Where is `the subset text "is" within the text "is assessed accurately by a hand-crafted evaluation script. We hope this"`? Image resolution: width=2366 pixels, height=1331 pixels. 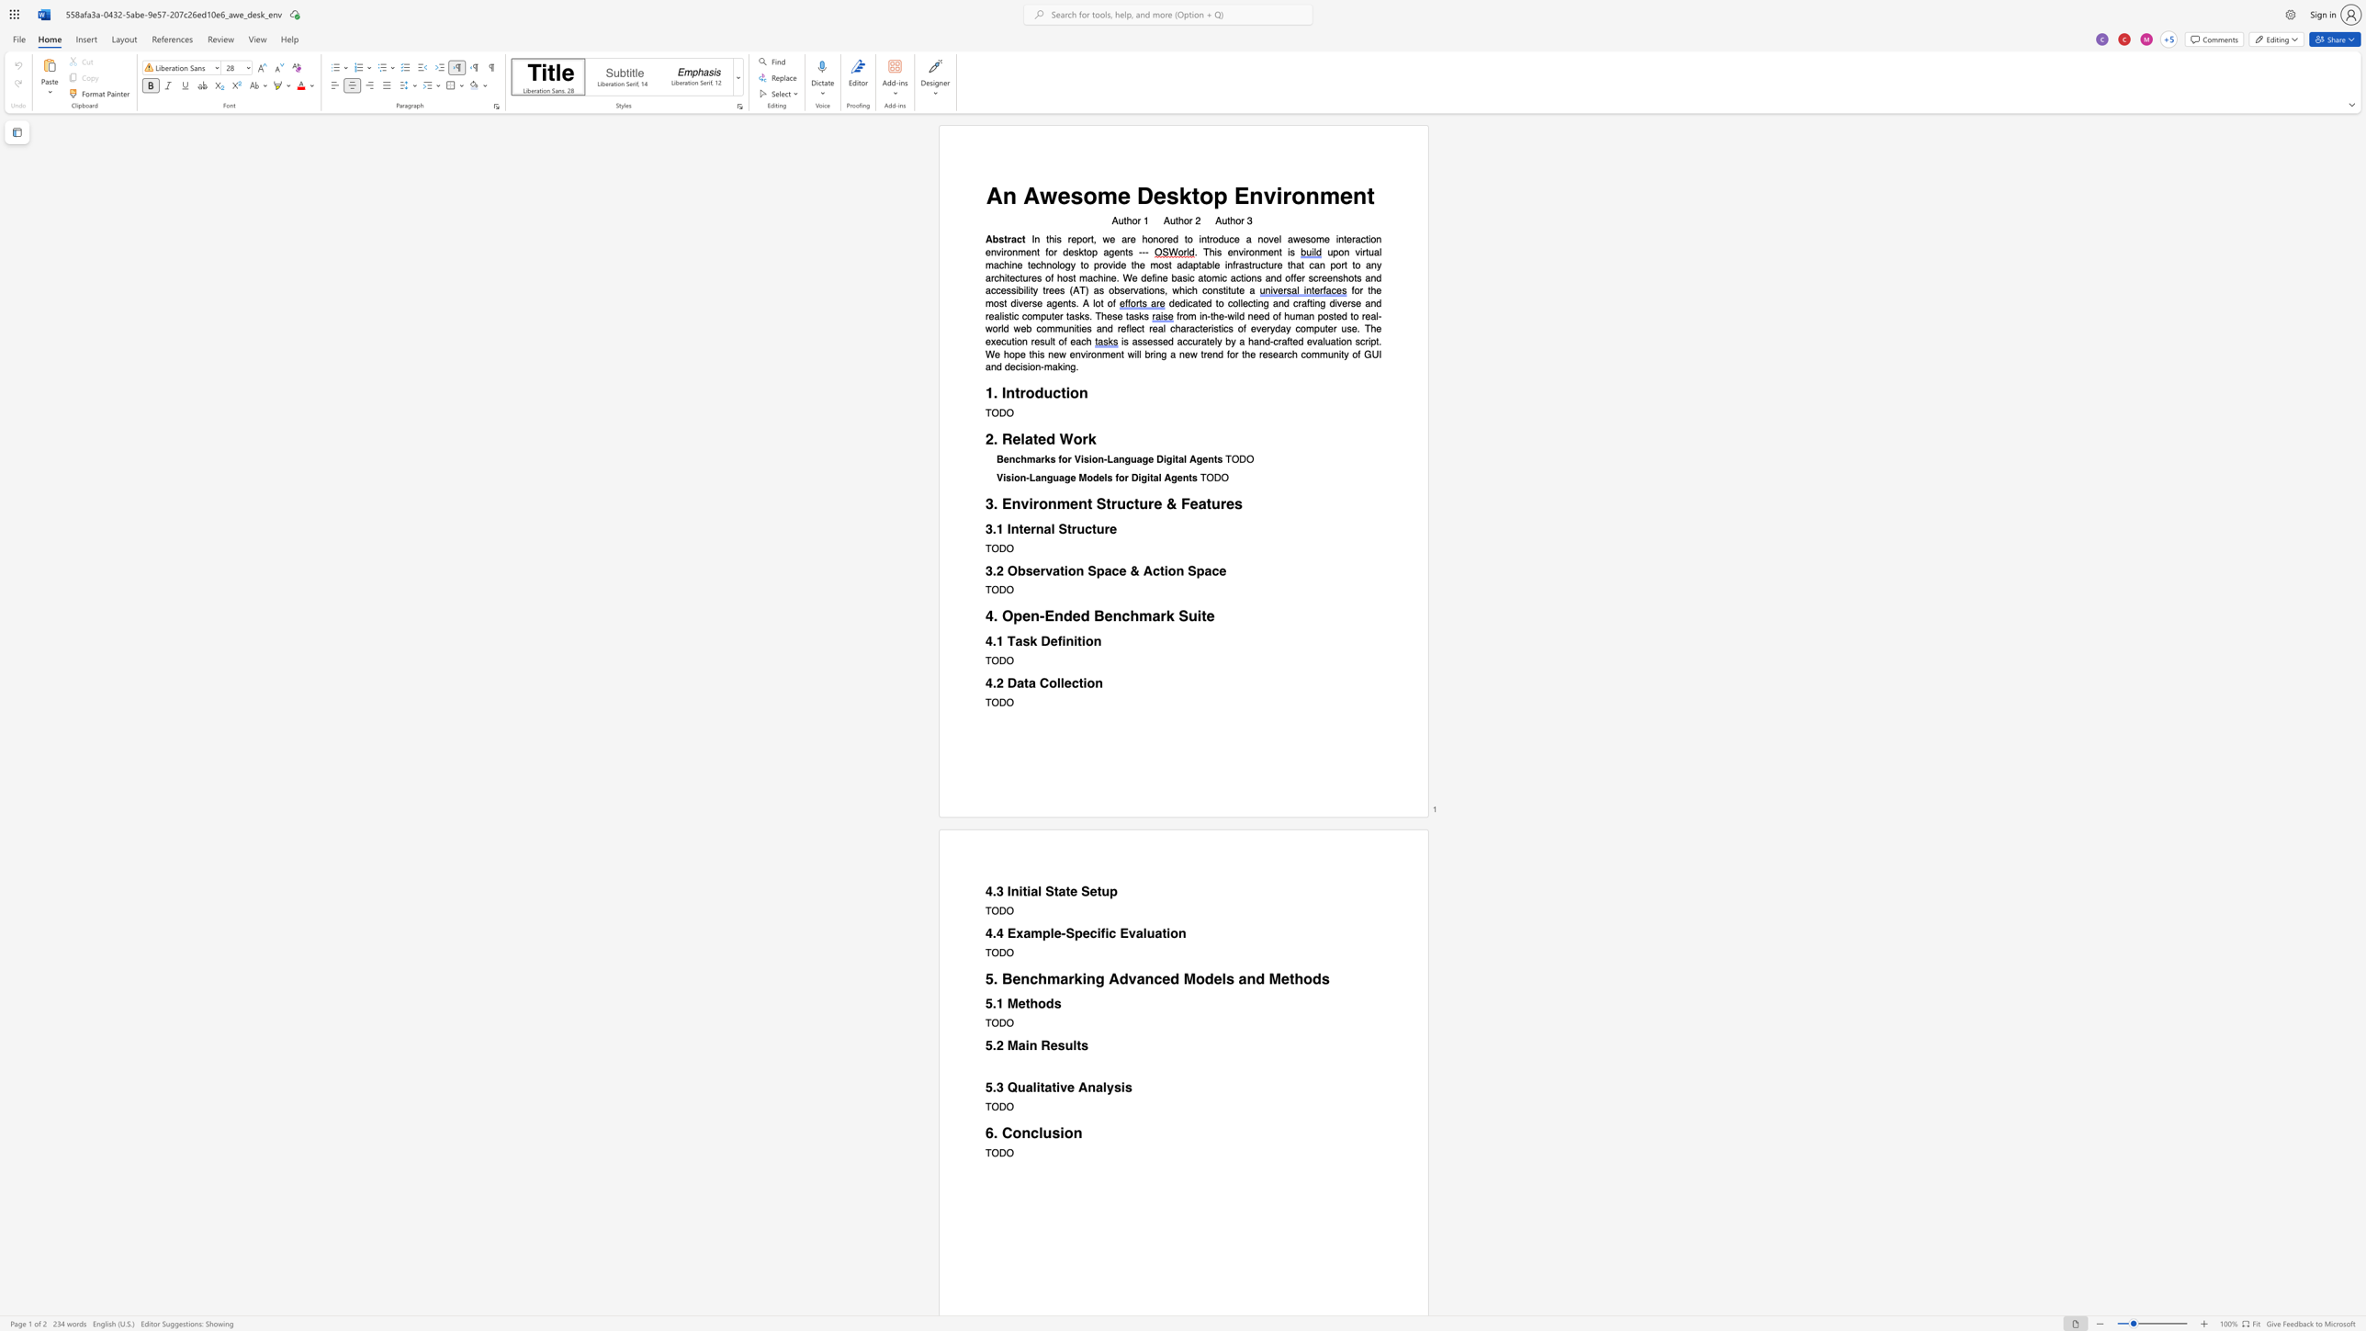
the subset text "is" within the text "is assessed accurately by a hand-crafted evaluation script. We hope this" is located at coordinates (1036, 355).